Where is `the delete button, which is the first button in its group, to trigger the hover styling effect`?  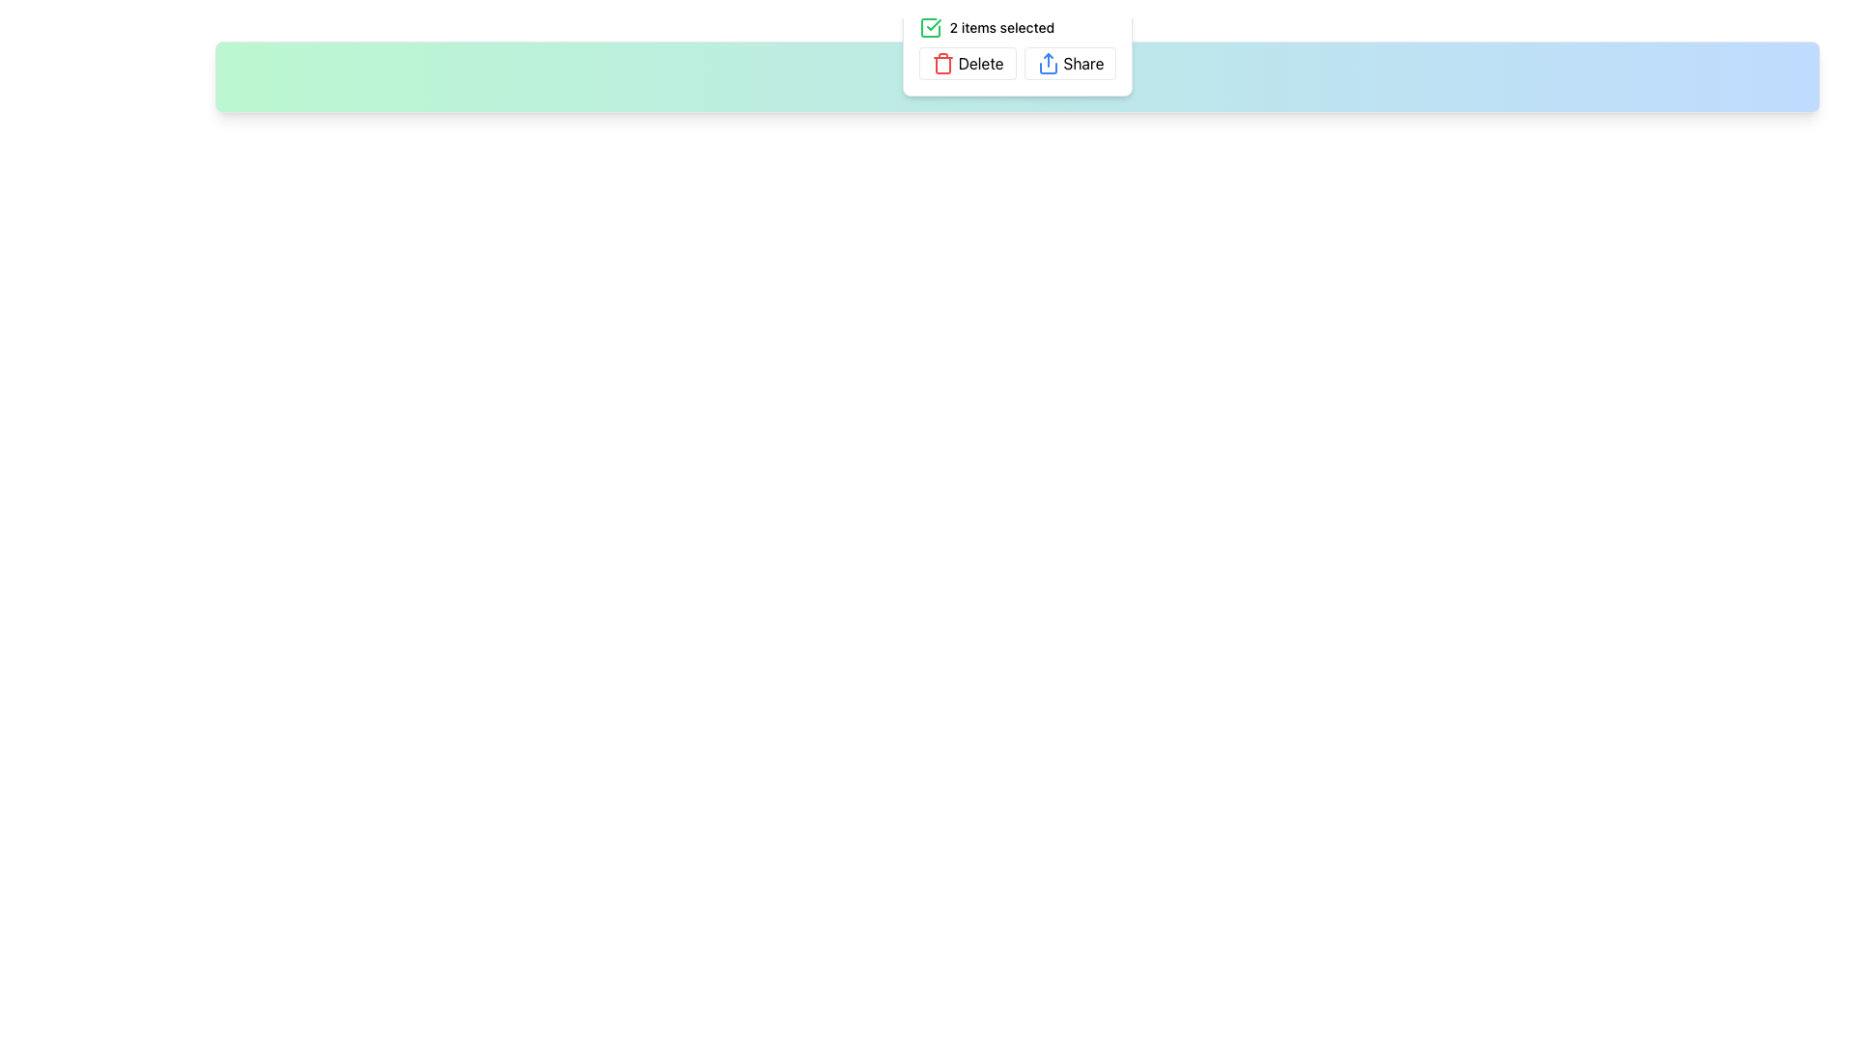 the delete button, which is the first button in its group, to trigger the hover styling effect is located at coordinates (968, 62).